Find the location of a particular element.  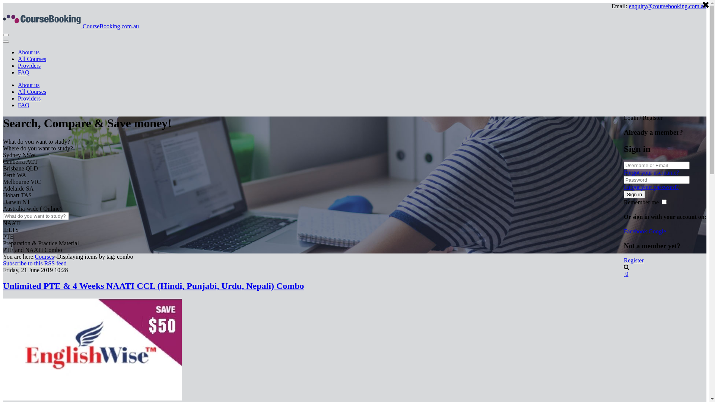

'CourseBooking.com.au' is located at coordinates (3, 26).